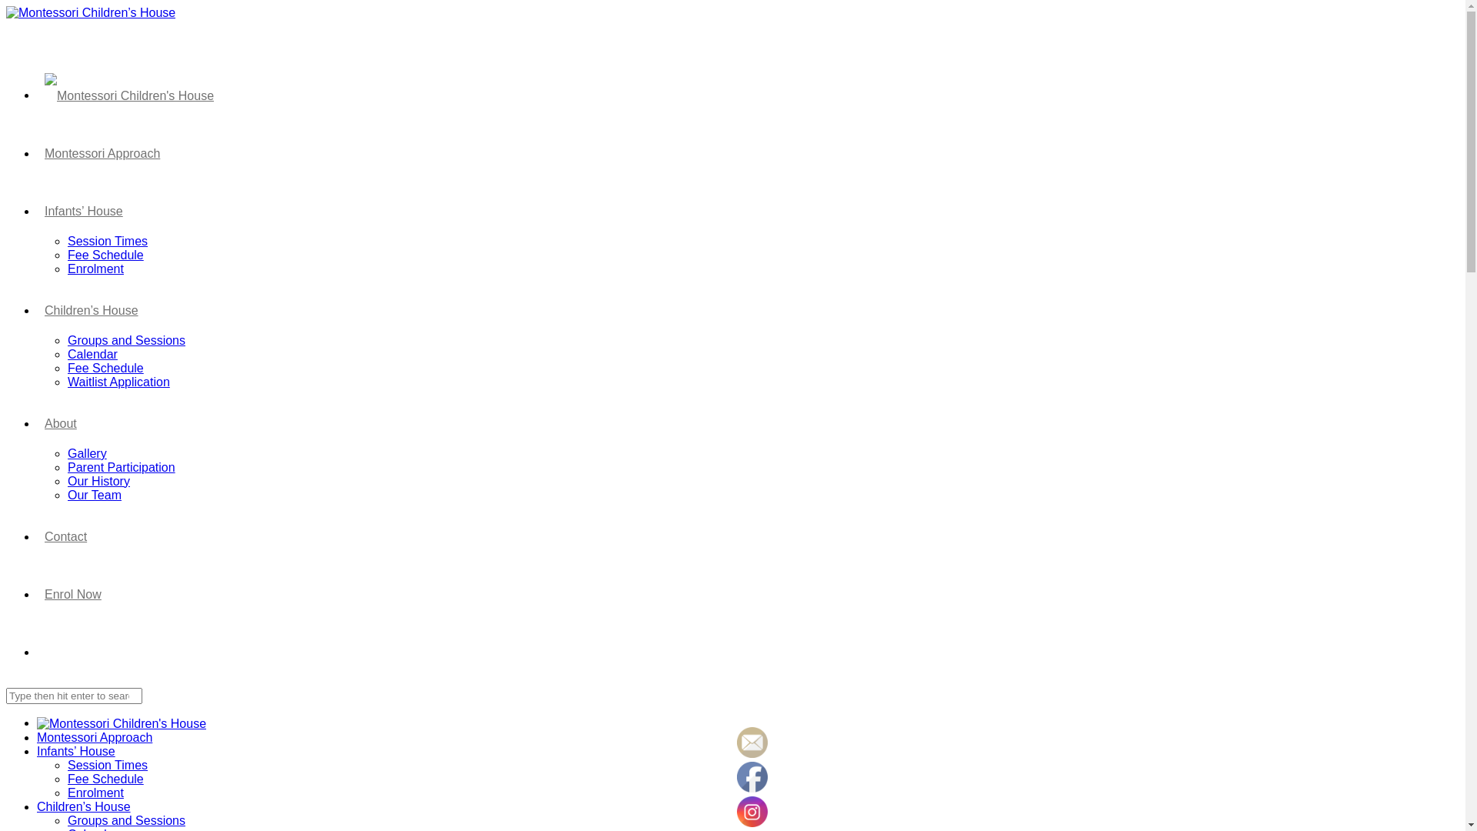  What do you see at coordinates (752, 777) in the screenshot?
I see `'Facebook'` at bounding box center [752, 777].